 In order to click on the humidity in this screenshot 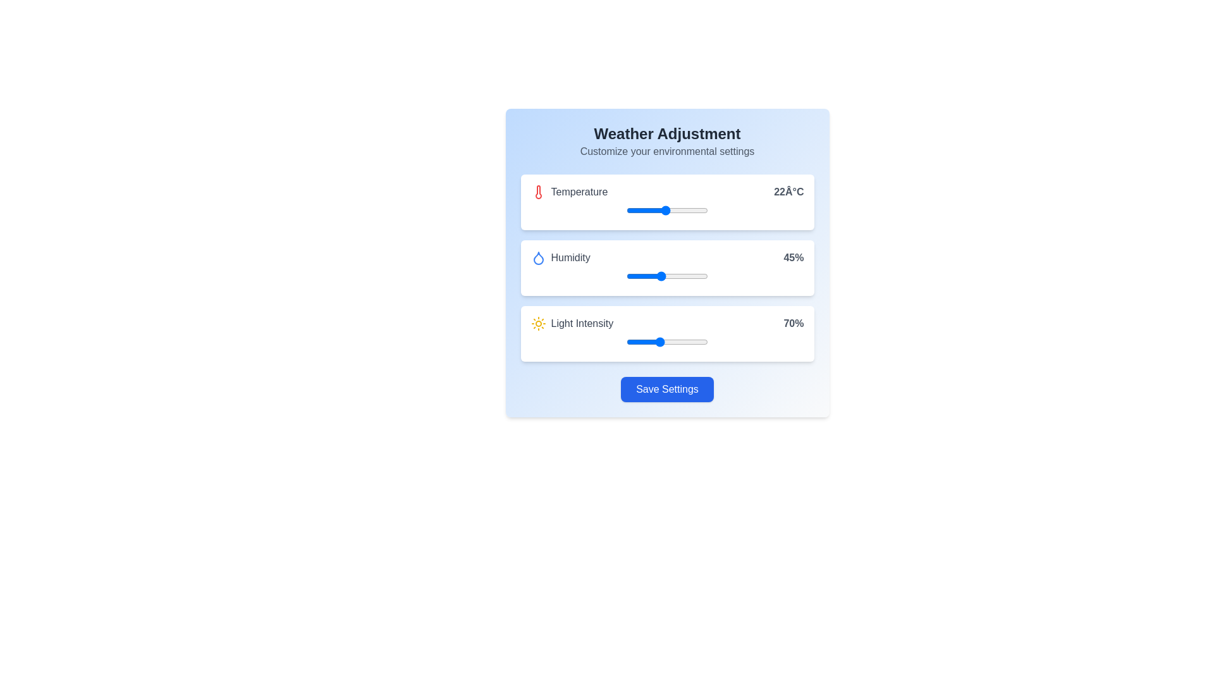, I will do `click(661, 275)`.